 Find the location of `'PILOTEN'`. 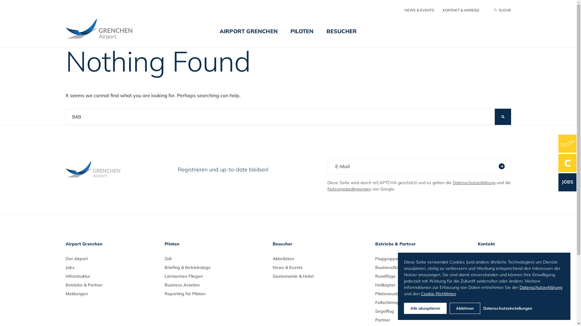

'PILOTEN' is located at coordinates (284, 36).